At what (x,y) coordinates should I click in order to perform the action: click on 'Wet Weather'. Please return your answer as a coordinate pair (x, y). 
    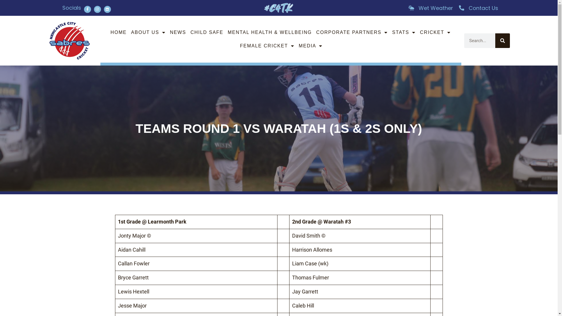
    Looking at the image, I should click on (430, 8).